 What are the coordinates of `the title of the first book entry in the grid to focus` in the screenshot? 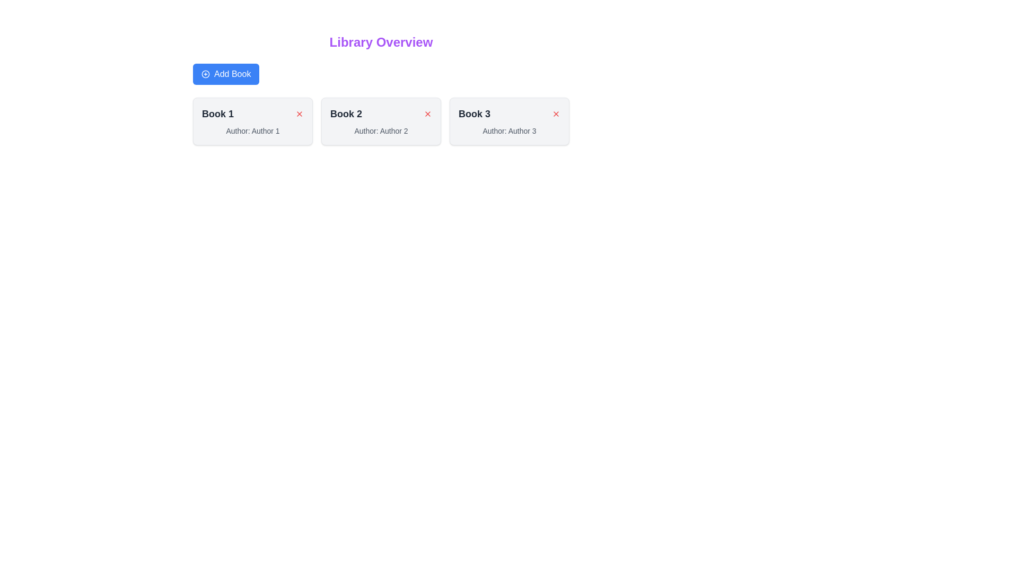 It's located at (252, 120).